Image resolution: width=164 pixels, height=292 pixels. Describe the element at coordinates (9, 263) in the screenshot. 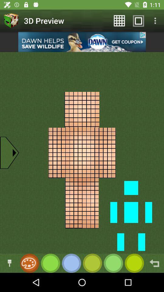

I see `change color` at that location.